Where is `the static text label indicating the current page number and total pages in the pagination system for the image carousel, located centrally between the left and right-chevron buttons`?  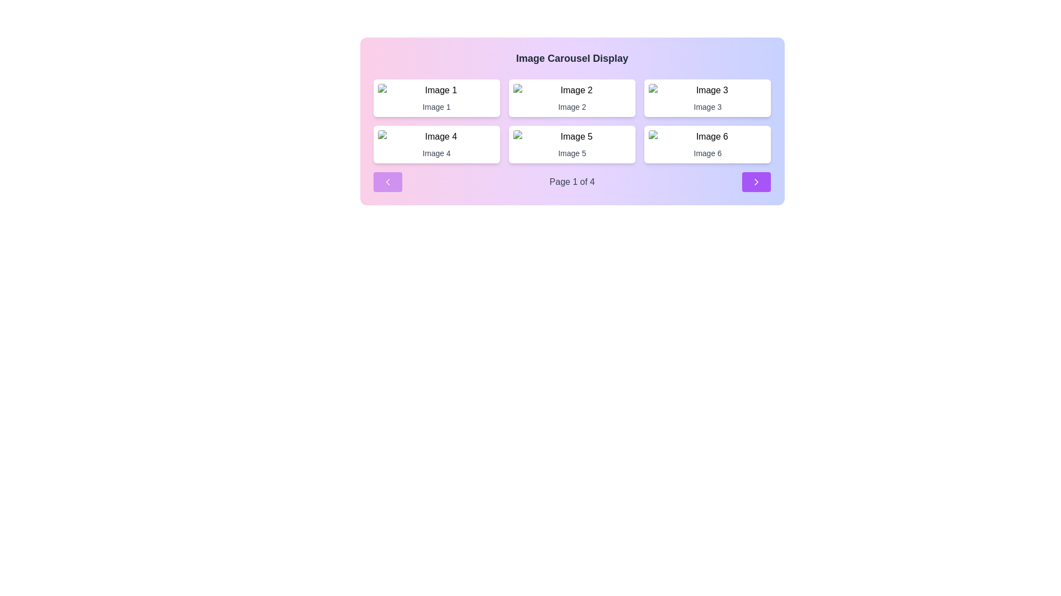 the static text label indicating the current page number and total pages in the pagination system for the image carousel, located centrally between the left and right-chevron buttons is located at coordinates (572, 182).